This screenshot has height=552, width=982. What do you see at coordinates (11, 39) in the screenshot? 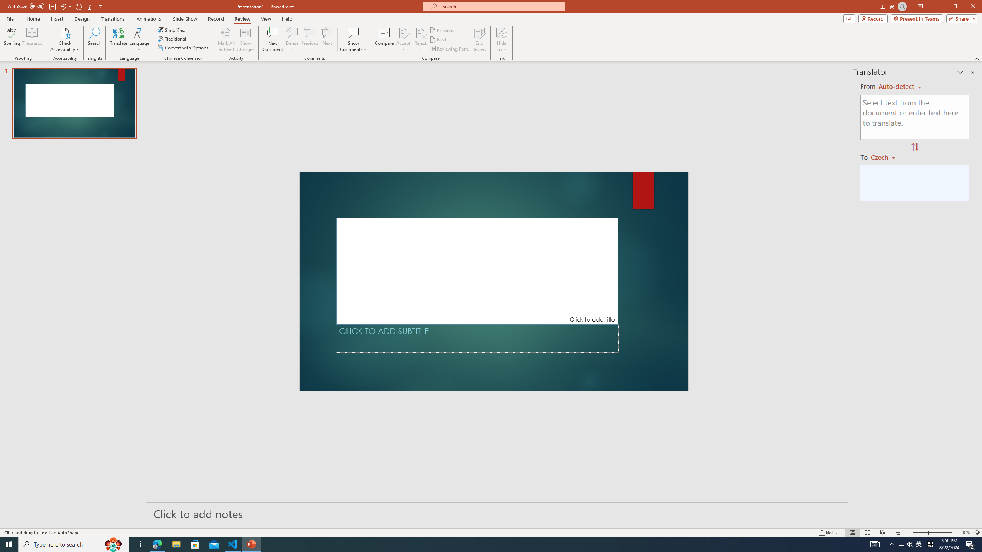
I see `'Spelling...'` at bounding box center [11, 39].